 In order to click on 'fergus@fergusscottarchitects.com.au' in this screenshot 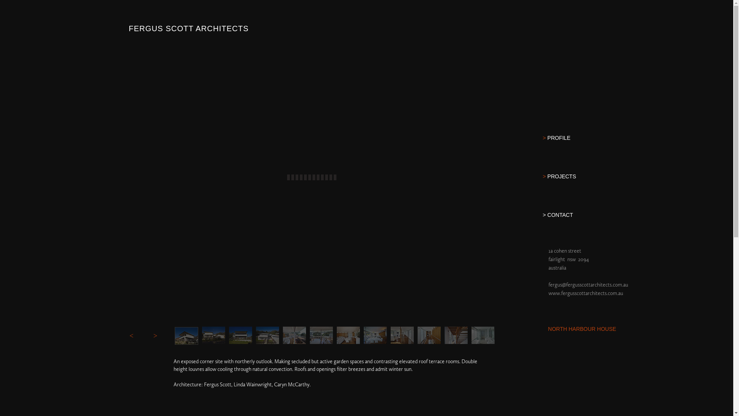, I will do `click(588, 285)`.